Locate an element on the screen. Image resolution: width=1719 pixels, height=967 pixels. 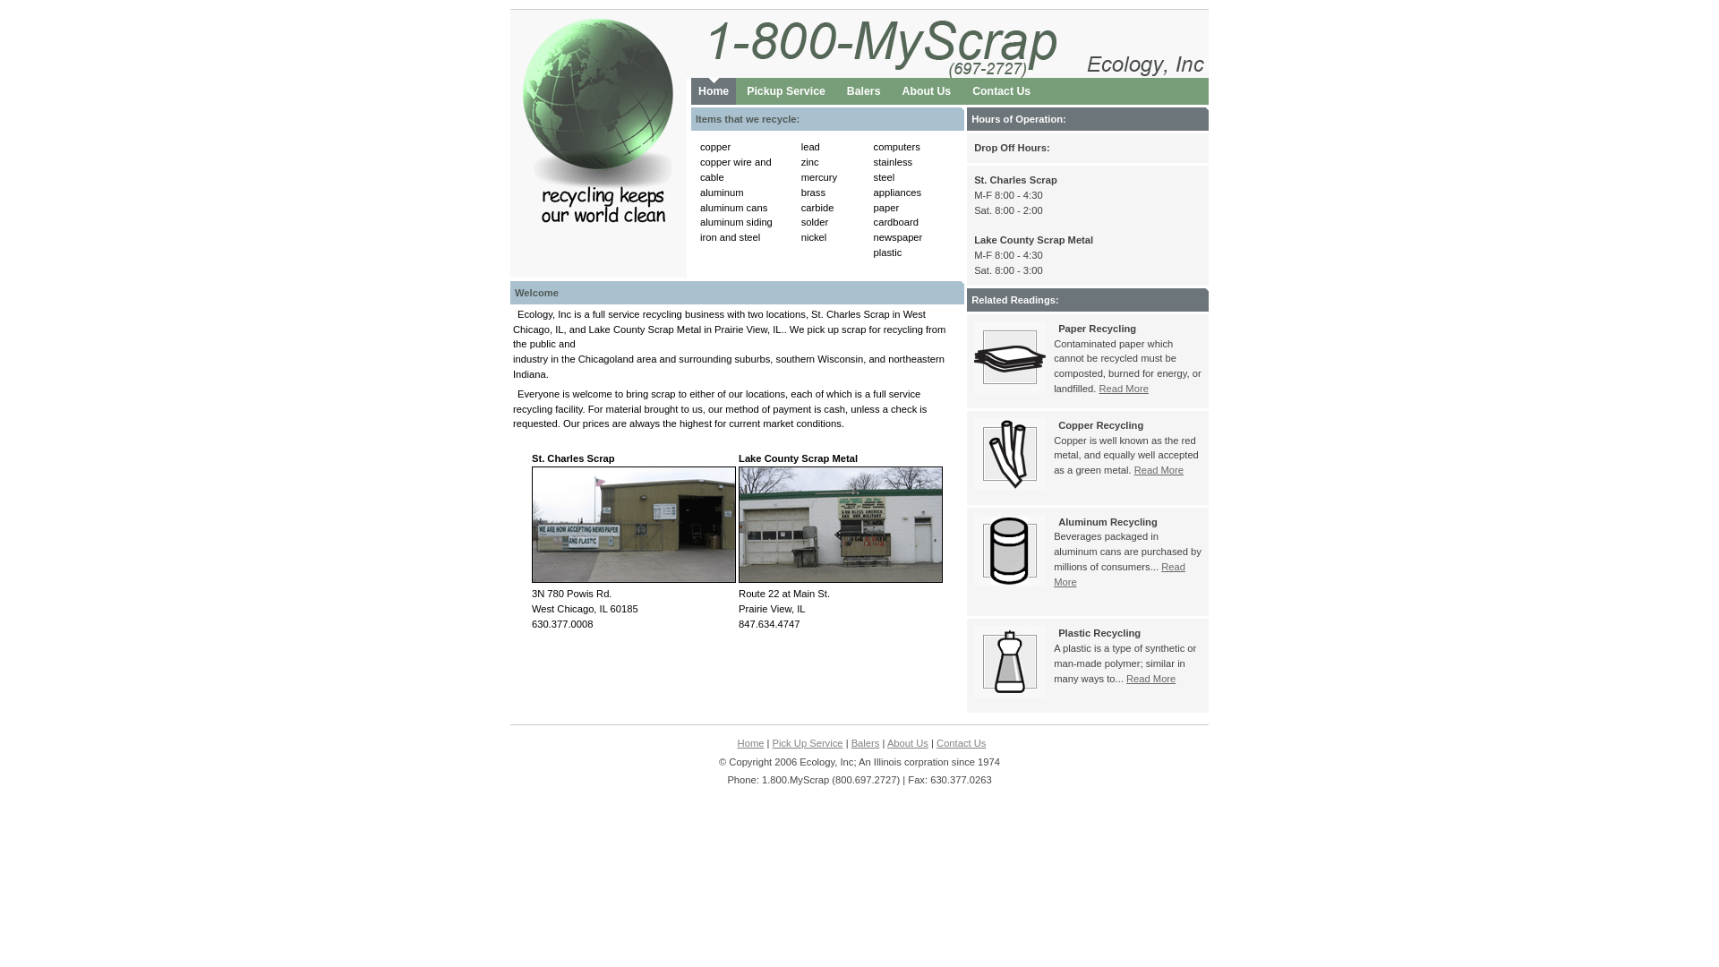
'About Us' is located at coordinates (907, 742).